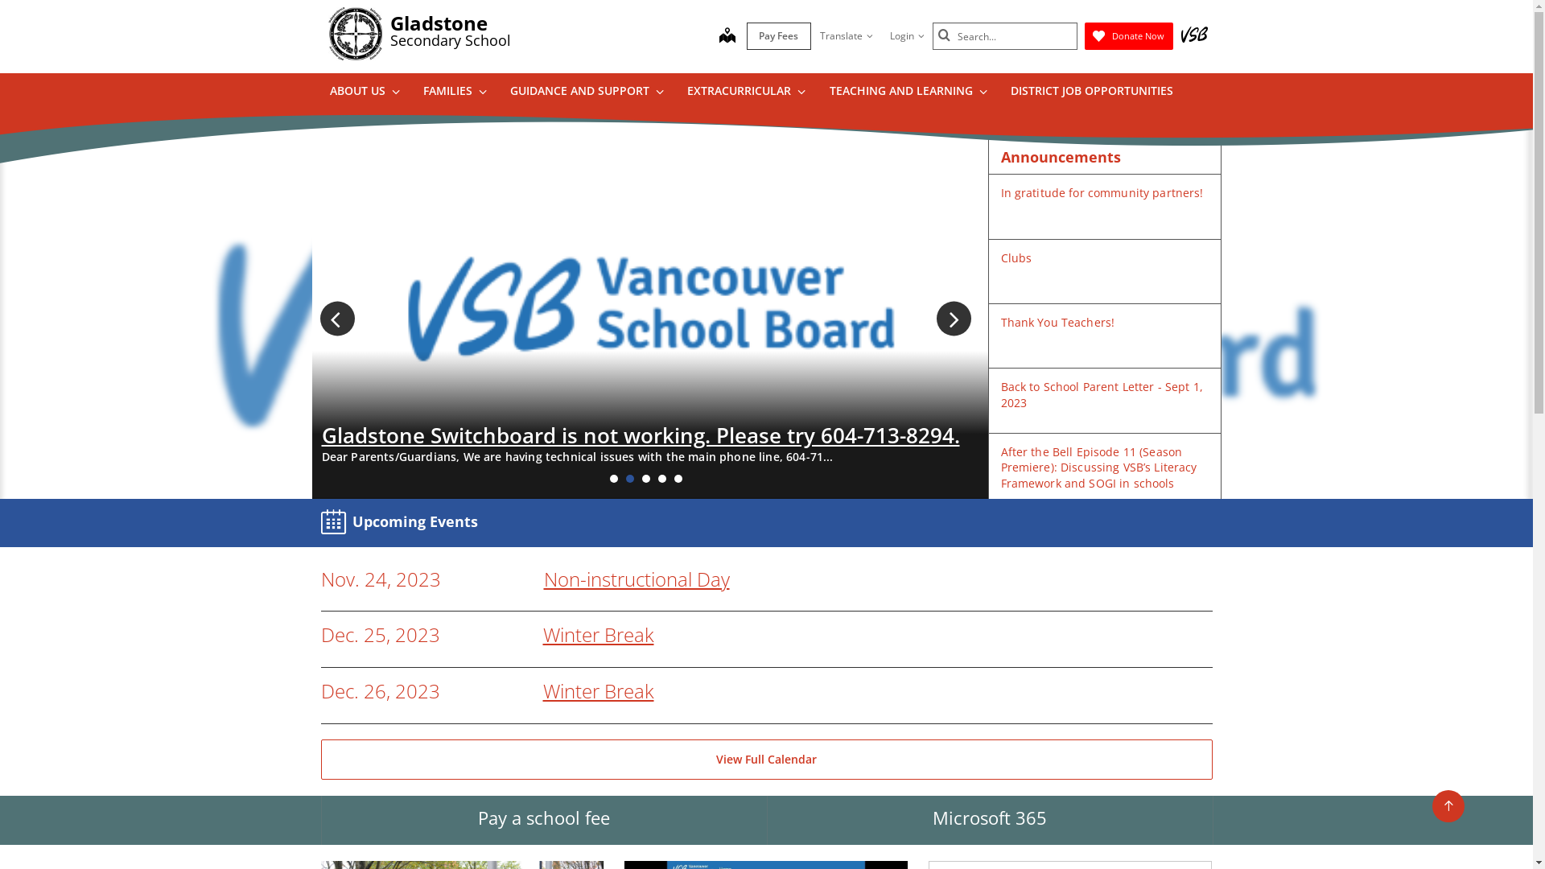  I want to click on 'Pay Fees', so click(779, 36).